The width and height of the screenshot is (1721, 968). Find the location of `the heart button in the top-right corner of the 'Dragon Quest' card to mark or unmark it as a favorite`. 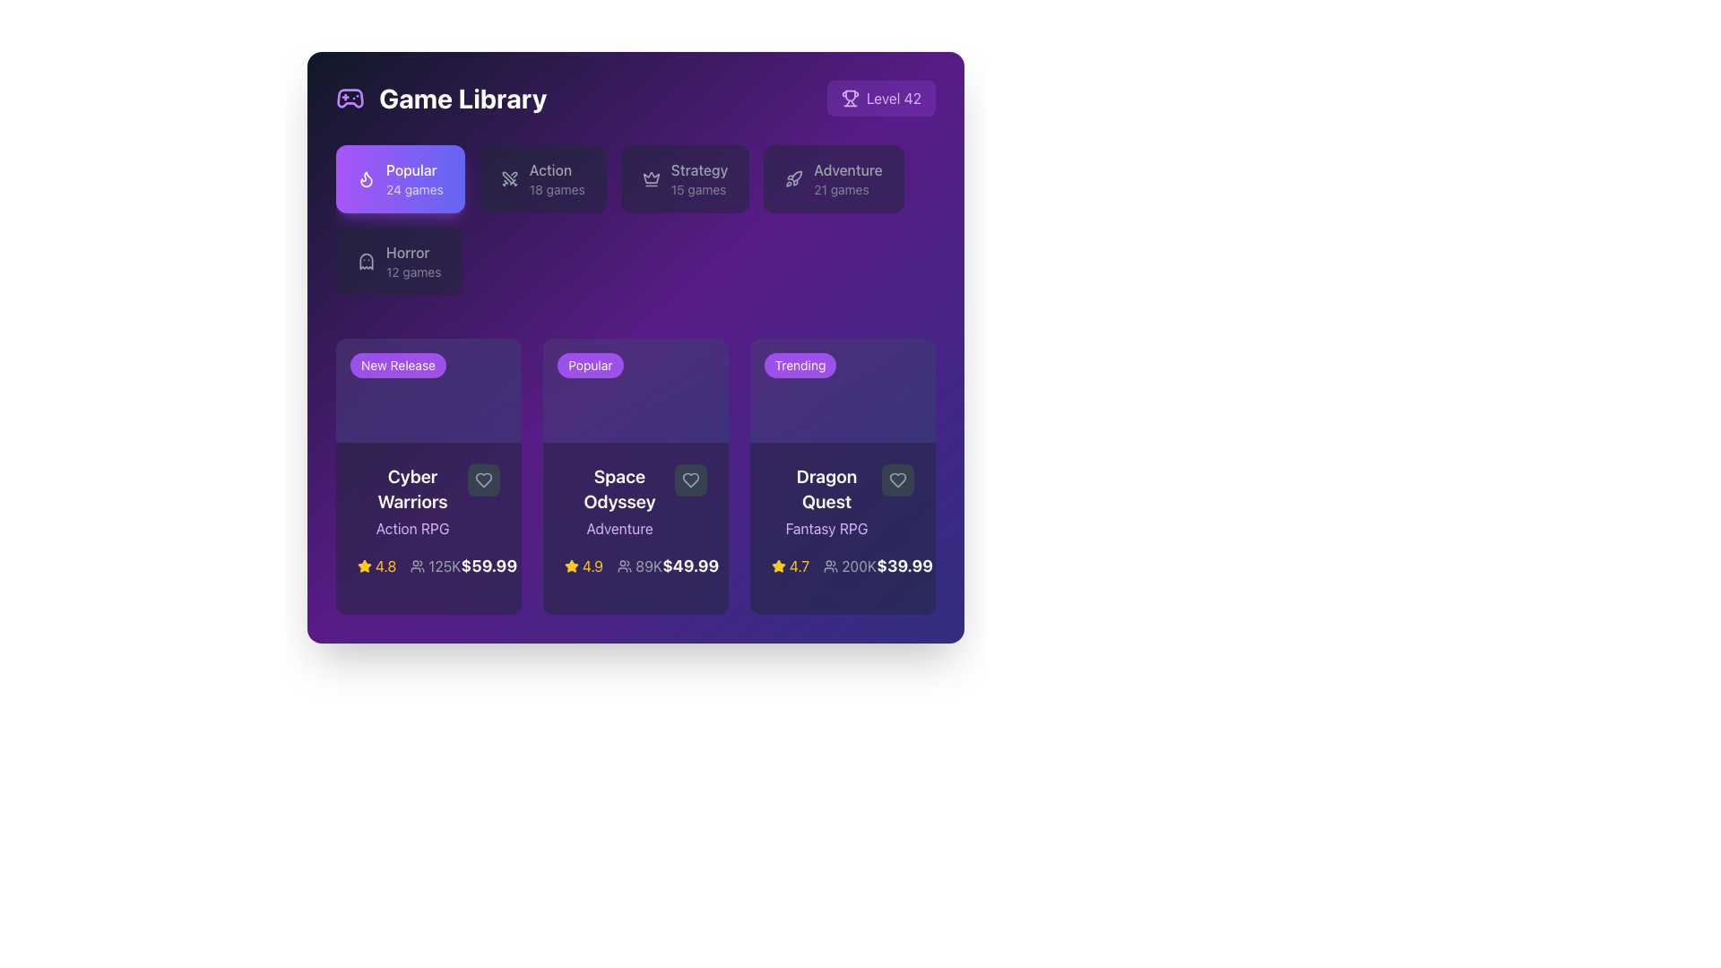

the heart button in the top-right corner of the 'Dragon Quest' card to mark or unmark it as a favorite is located at coordinates (898, 480).